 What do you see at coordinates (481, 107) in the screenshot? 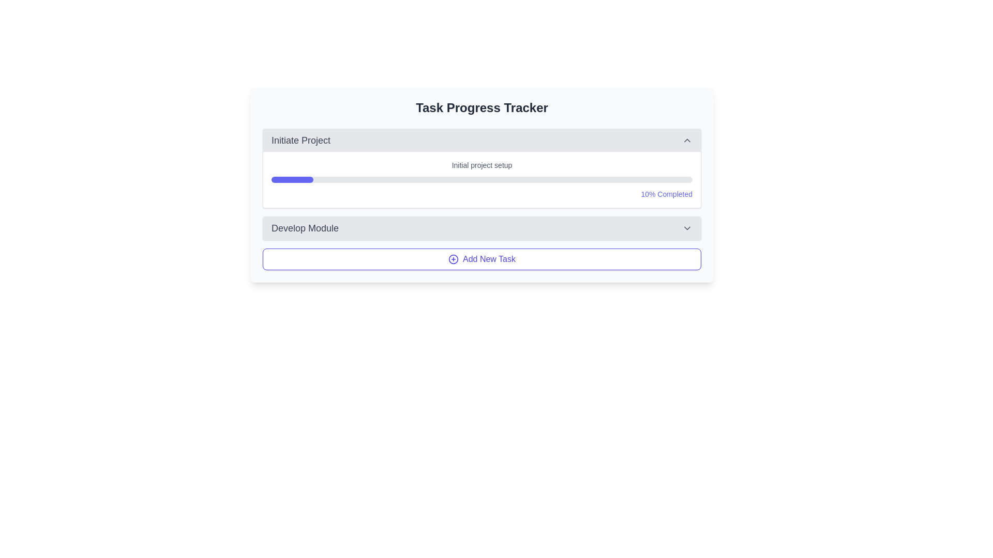
I see `the Header Text element that reads 'Task Progress Tracker', which is a large, bold text centered within a light gray rectangular background` at bounding box center [481, 107].